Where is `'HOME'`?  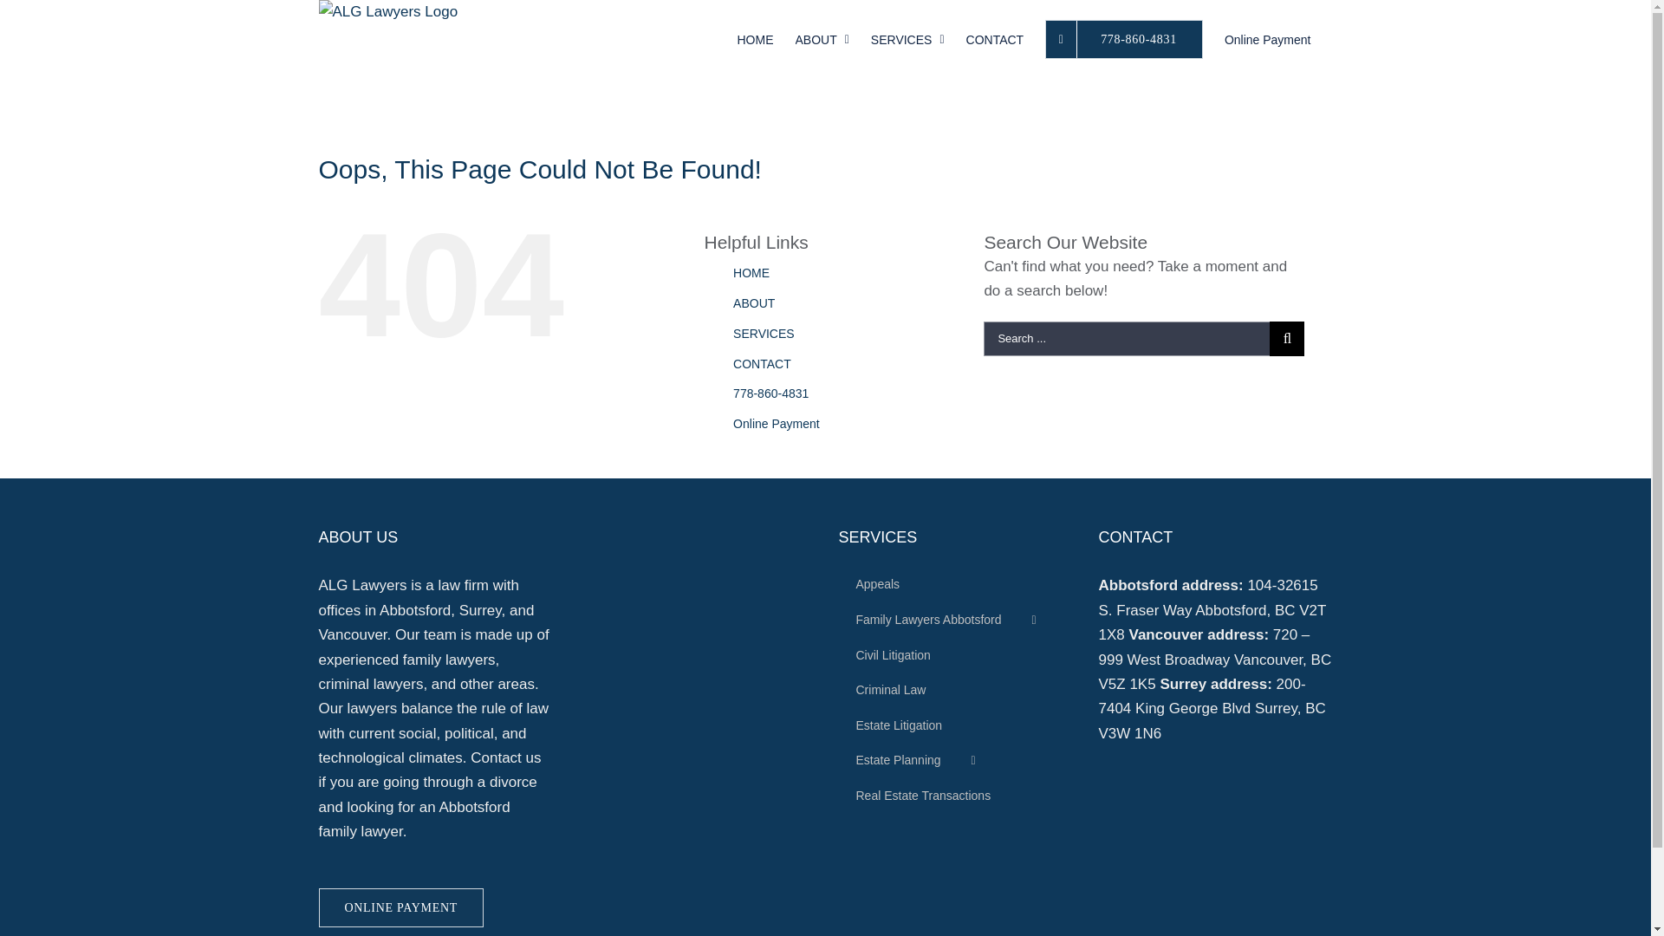 'HOME' is located at coordinates (736, 38).